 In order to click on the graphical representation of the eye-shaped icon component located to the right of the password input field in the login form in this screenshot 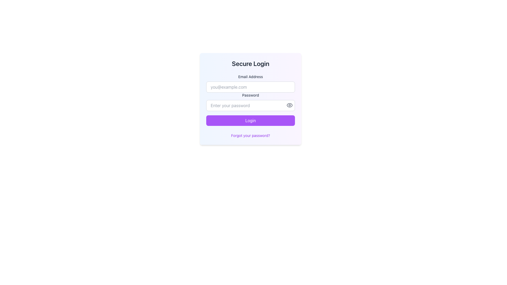, I will do `click(289, 105)`.